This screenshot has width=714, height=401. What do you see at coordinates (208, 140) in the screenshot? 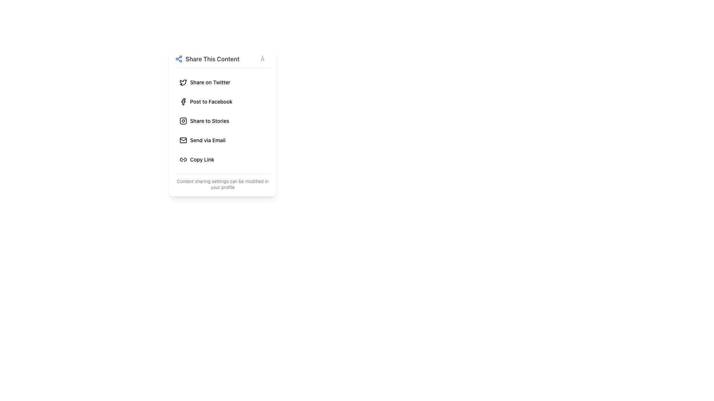
I see `the 'Send via Email' label, which is part of a vertical list of sharing actions, located between 'Share to Stories' and 'Copy Link'` at bounding box center [208, 140].